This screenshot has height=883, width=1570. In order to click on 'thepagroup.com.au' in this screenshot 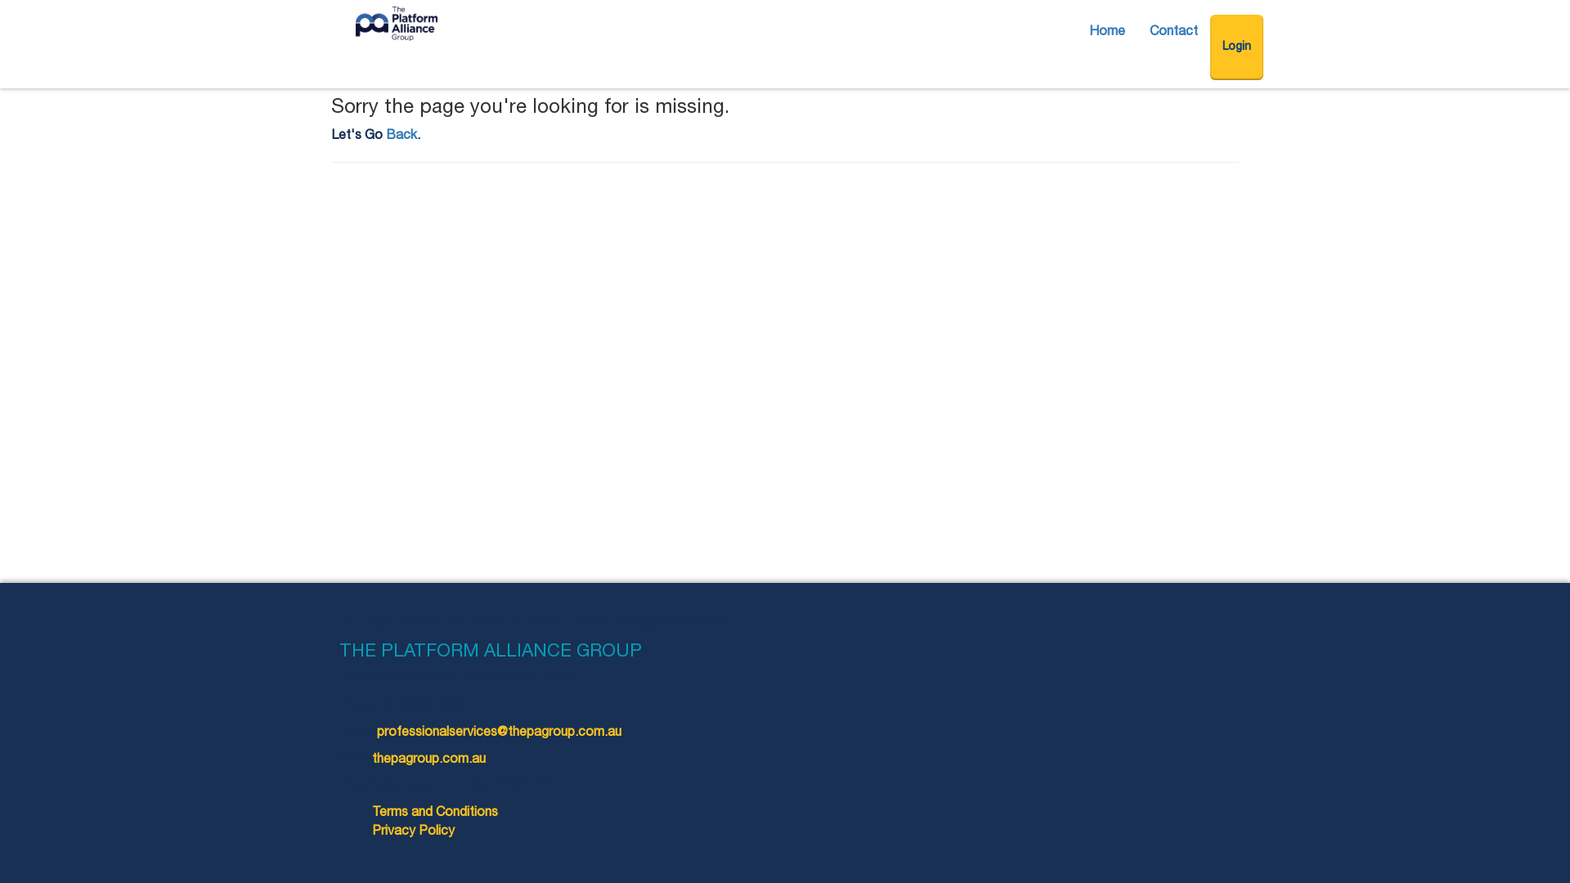, I will do `click(428, 760)`.